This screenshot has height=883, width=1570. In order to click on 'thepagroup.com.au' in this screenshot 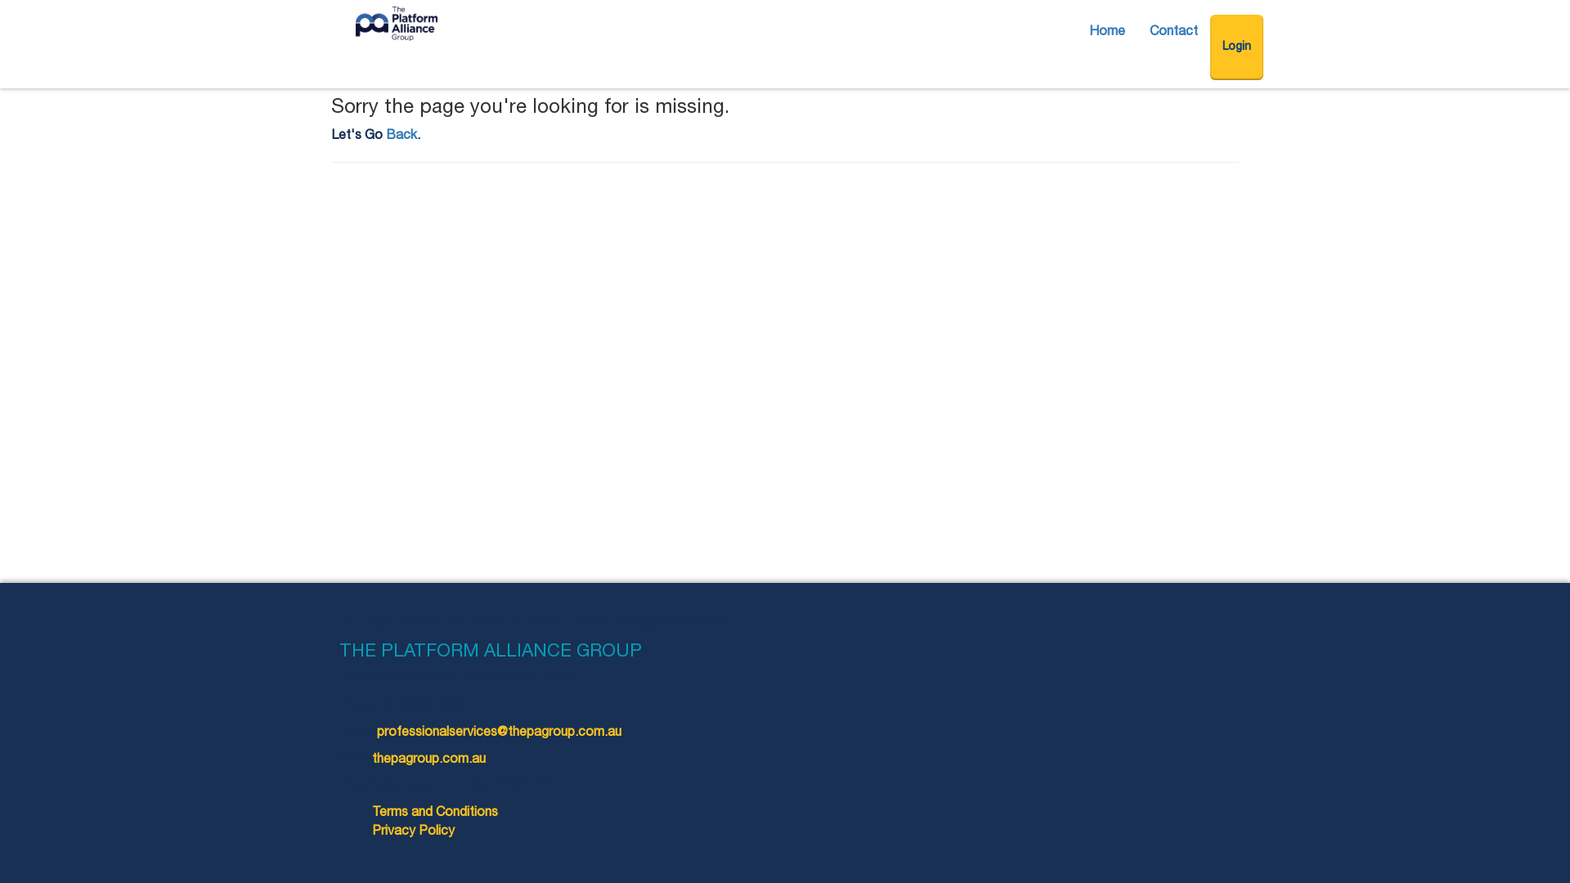, I will do `click(428, 760)`.